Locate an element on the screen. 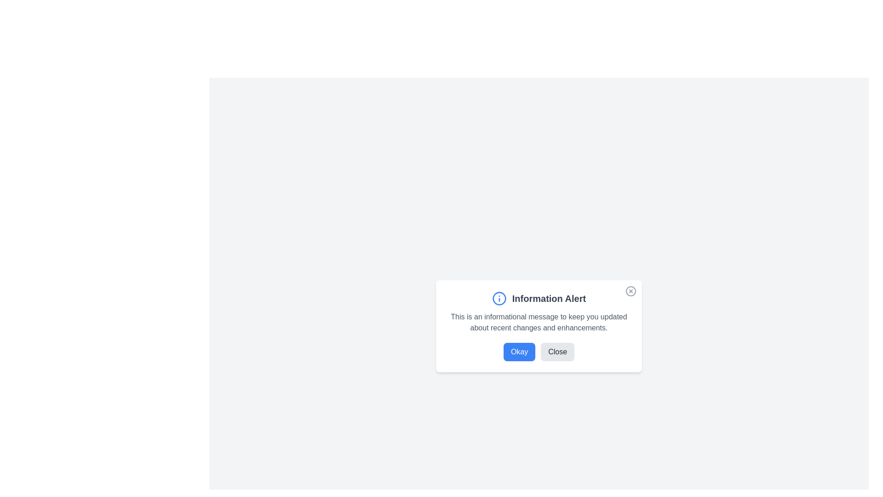 This screenshot has width=883, height=497. the 'Okay' button, which is a white label on a blue rounded rectangular background, positioned at the bottom-right corner of the modal dialog is located at coordinates (519, 352).